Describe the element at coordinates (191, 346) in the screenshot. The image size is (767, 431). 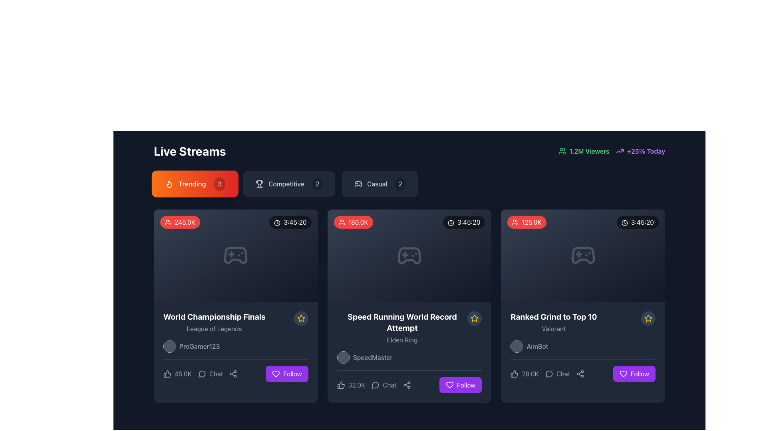
I see `the username 'ProGamer123' displayed next to the circular profile image placeholder in the live stream cards section` at that location.